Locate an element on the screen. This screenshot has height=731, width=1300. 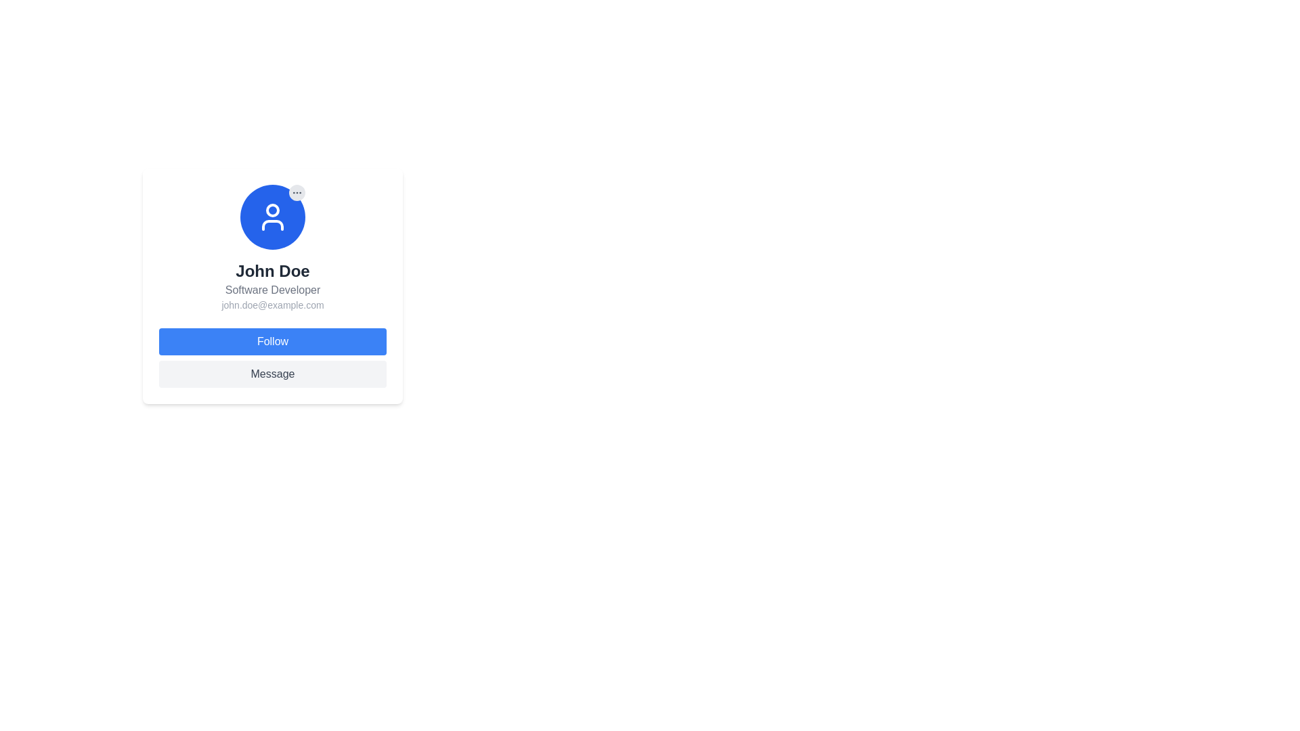
the decorative Circle SVG component located at the top-center of the user avatar graphic in the profile card is located at coordinates (272, 211).